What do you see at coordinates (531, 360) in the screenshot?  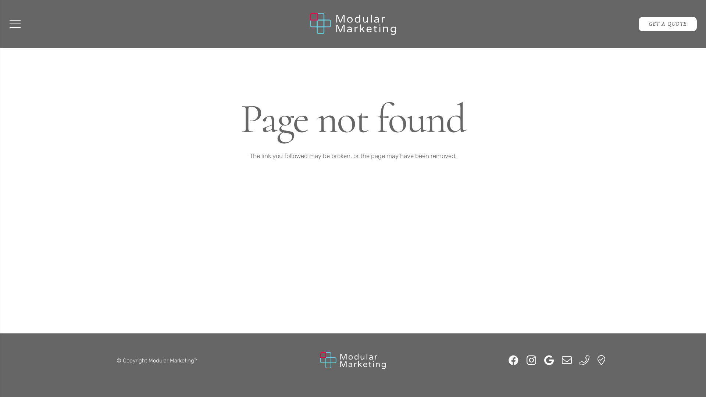 I see `'Instagram'` at bounding box center [531, 360].